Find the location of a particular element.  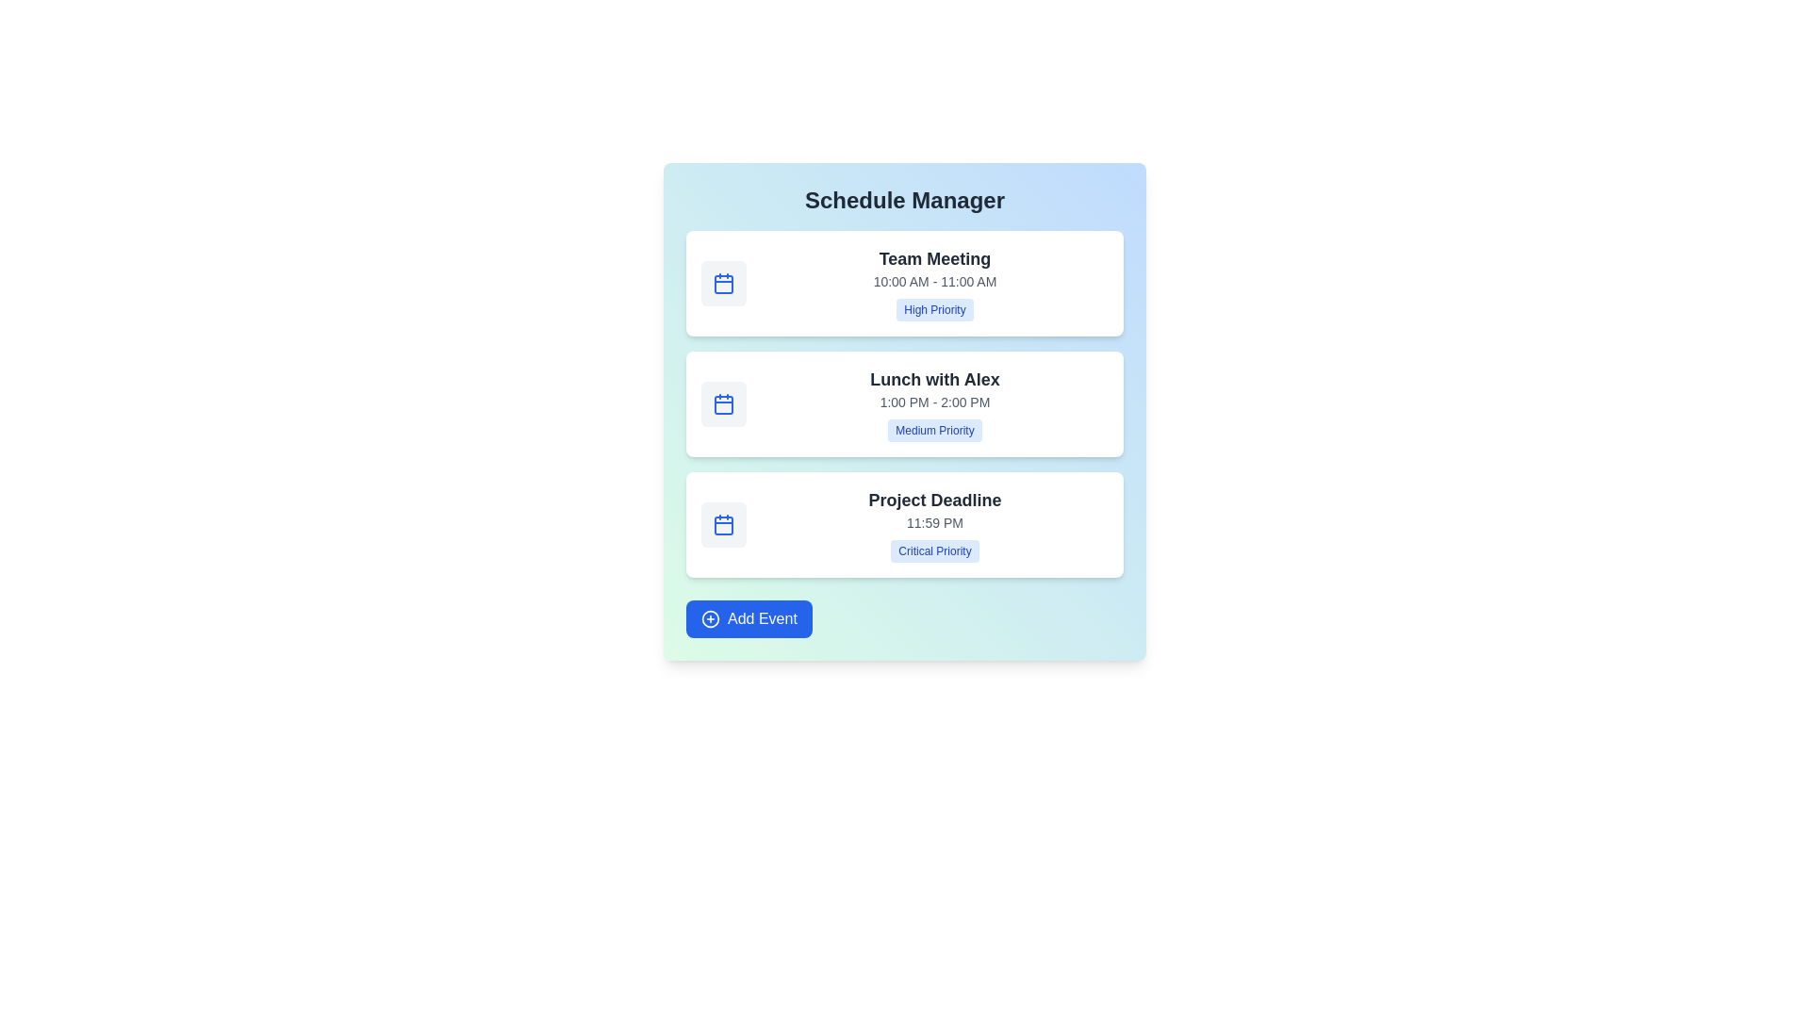

the calendar icon for the event 'Team Meeting' is located at coordinates (723, 283).